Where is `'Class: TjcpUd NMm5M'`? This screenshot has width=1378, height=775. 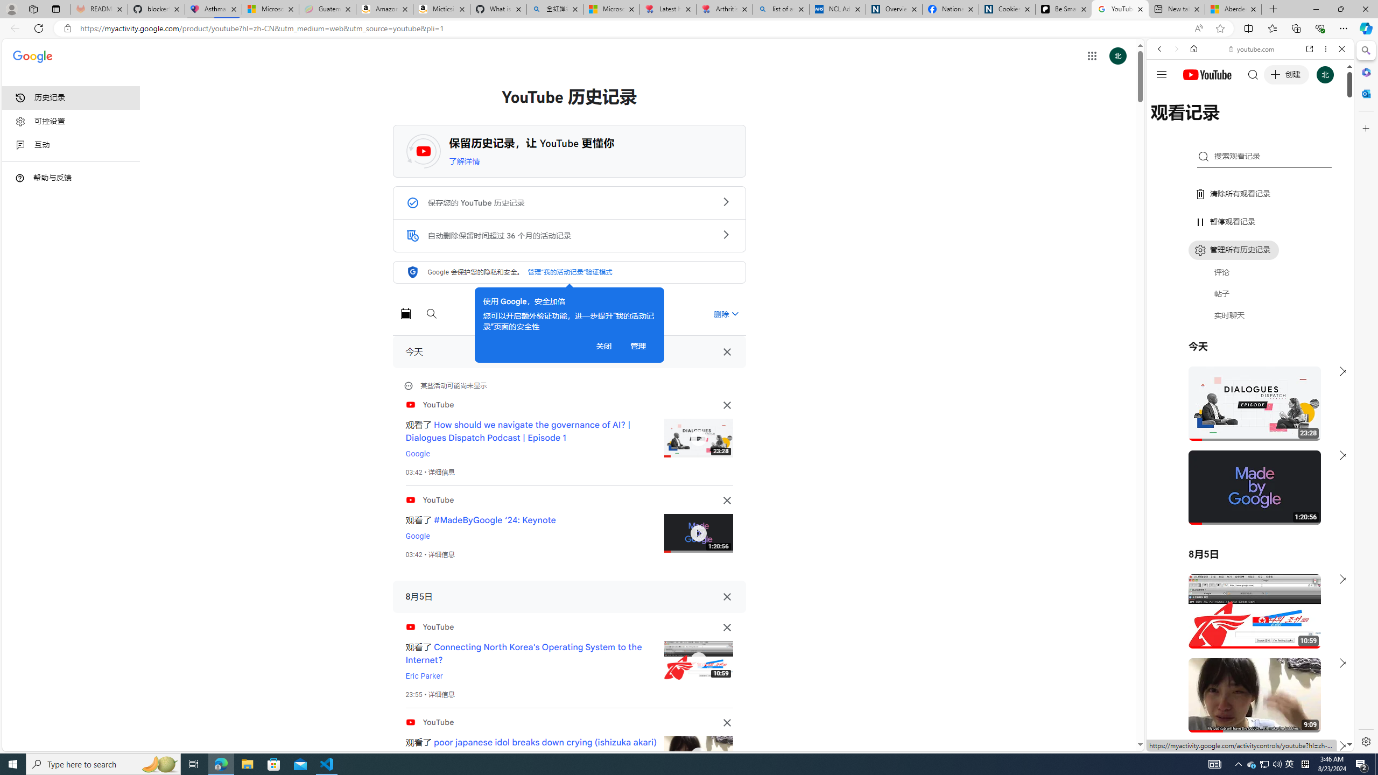
'Class: TjcpUd NMm5M' is located at coordinates (726, 722).